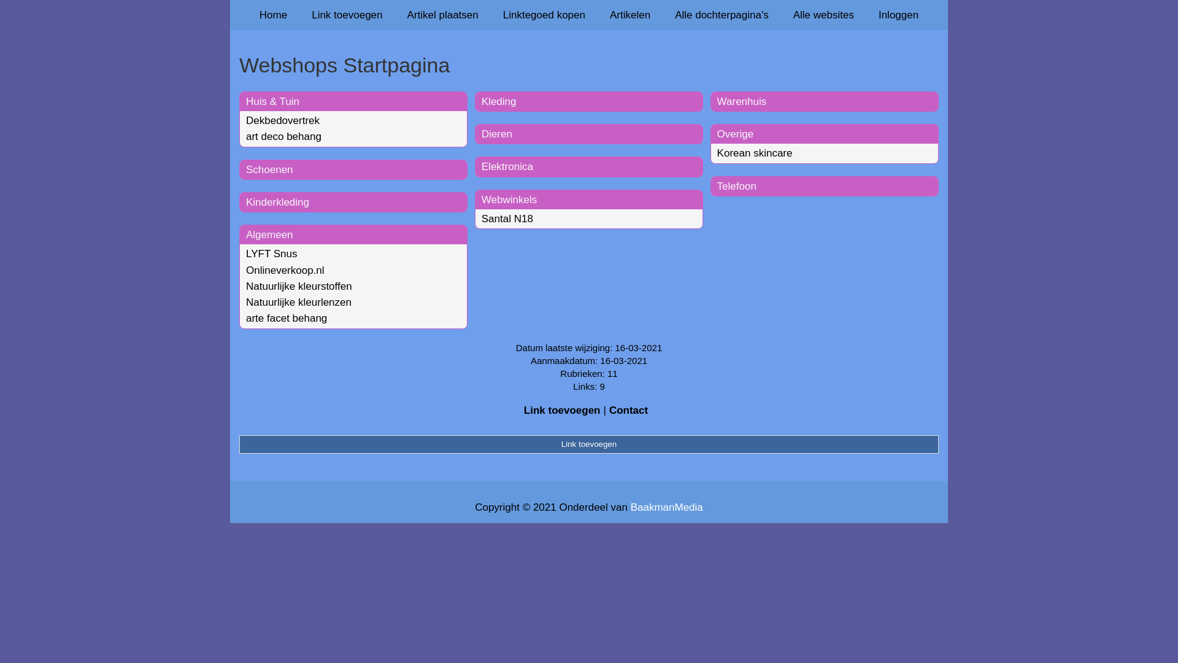 Image resolution: width=1178 pixels, height=663 pixels. What do you see at coordinates (499, 101) in the screenshot?
I see `'Kleding'` at bounding box center [499, 101].